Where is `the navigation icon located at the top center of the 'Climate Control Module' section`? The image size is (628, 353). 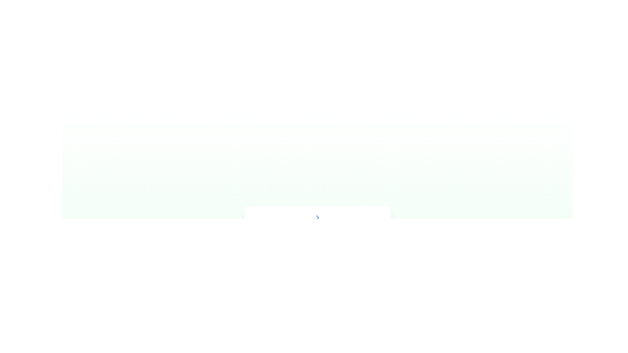
the navigation icon located at the top center of the 'Climate Control Module' section is located at coordinates (317, 218).